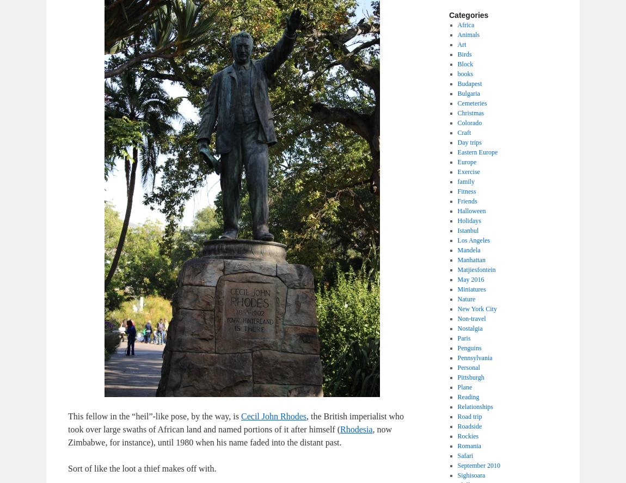 This screenshot has width=626, height=483. Describe the element at coordinates (469, 416) in the screenshot. I see `'Road trip'` at that location.